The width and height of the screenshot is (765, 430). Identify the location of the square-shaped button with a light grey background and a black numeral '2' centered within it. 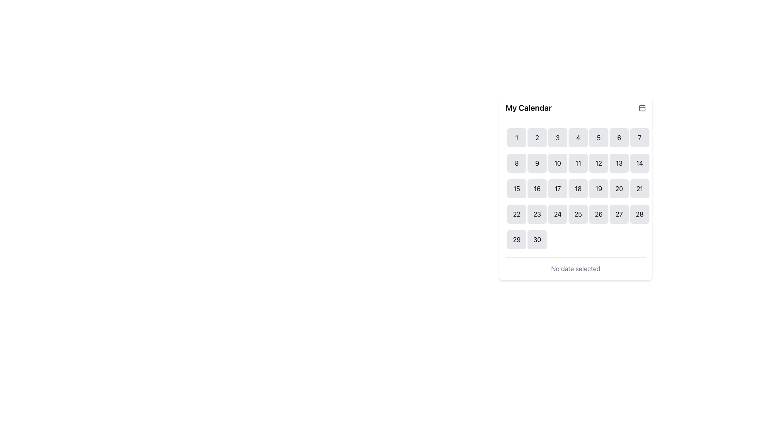
(537, 137).